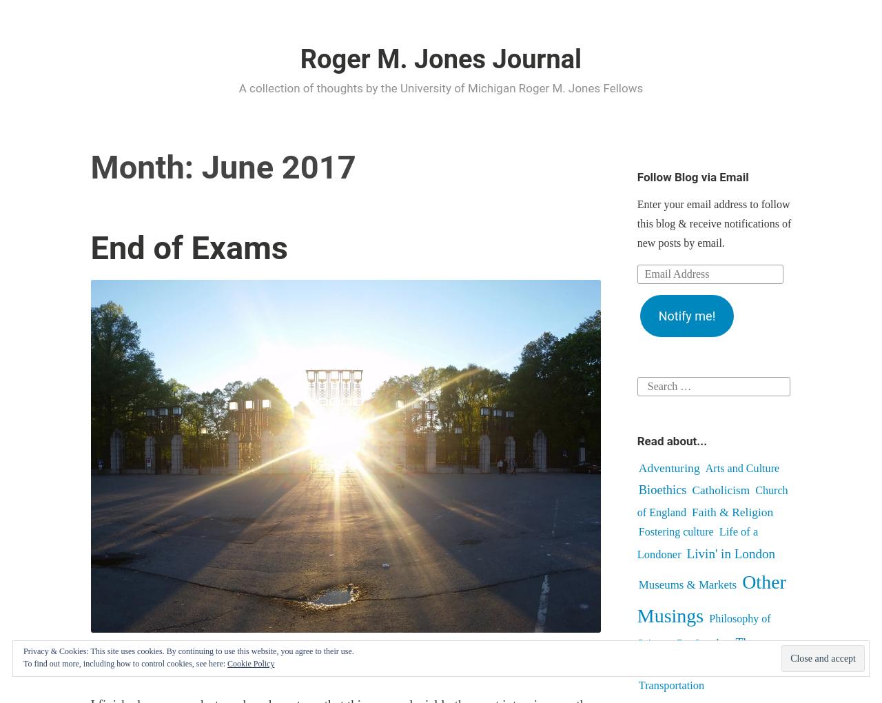  What do you see at coordinates (200, 167) in the screenshot?
I see `'June 2017'` at bounding box center [200, 167].